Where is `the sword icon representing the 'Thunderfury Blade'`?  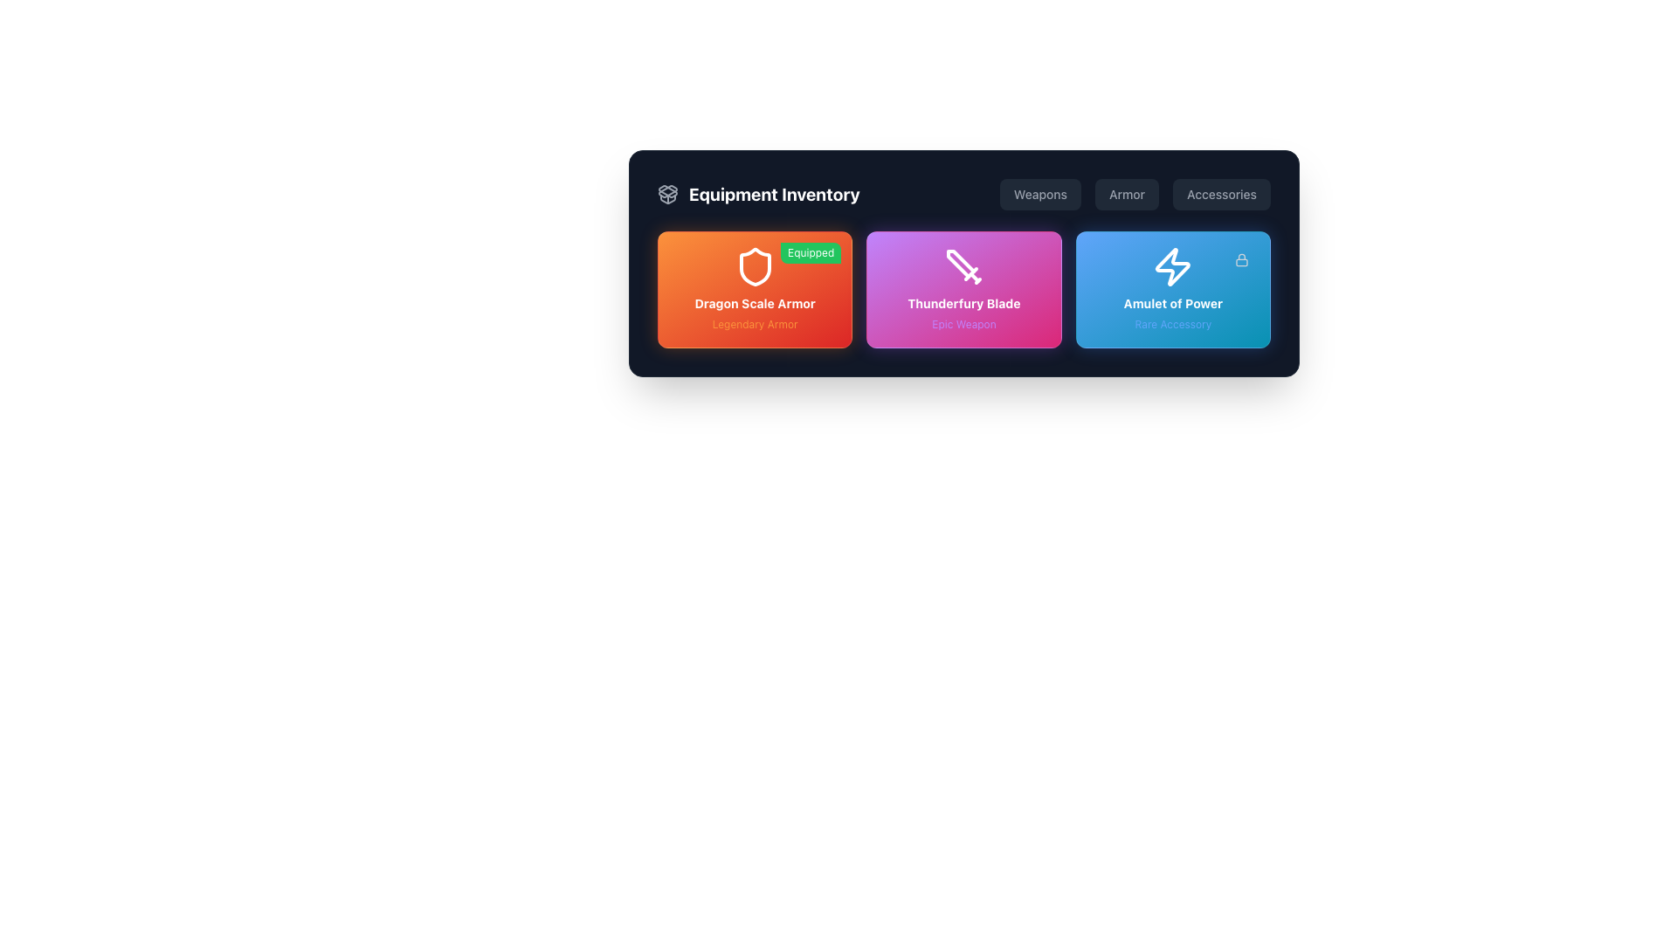 the sword icon representing the 'Thunderfury Blade' is located at coordinates (963, 266).